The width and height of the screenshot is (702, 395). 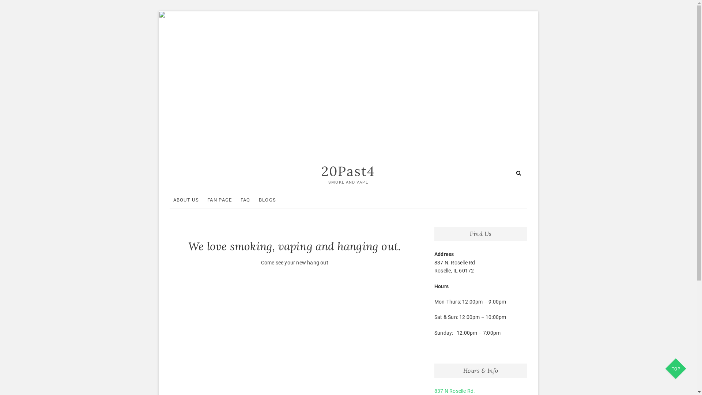 I want to click on 'FAQ', so click(x=245, y=200).